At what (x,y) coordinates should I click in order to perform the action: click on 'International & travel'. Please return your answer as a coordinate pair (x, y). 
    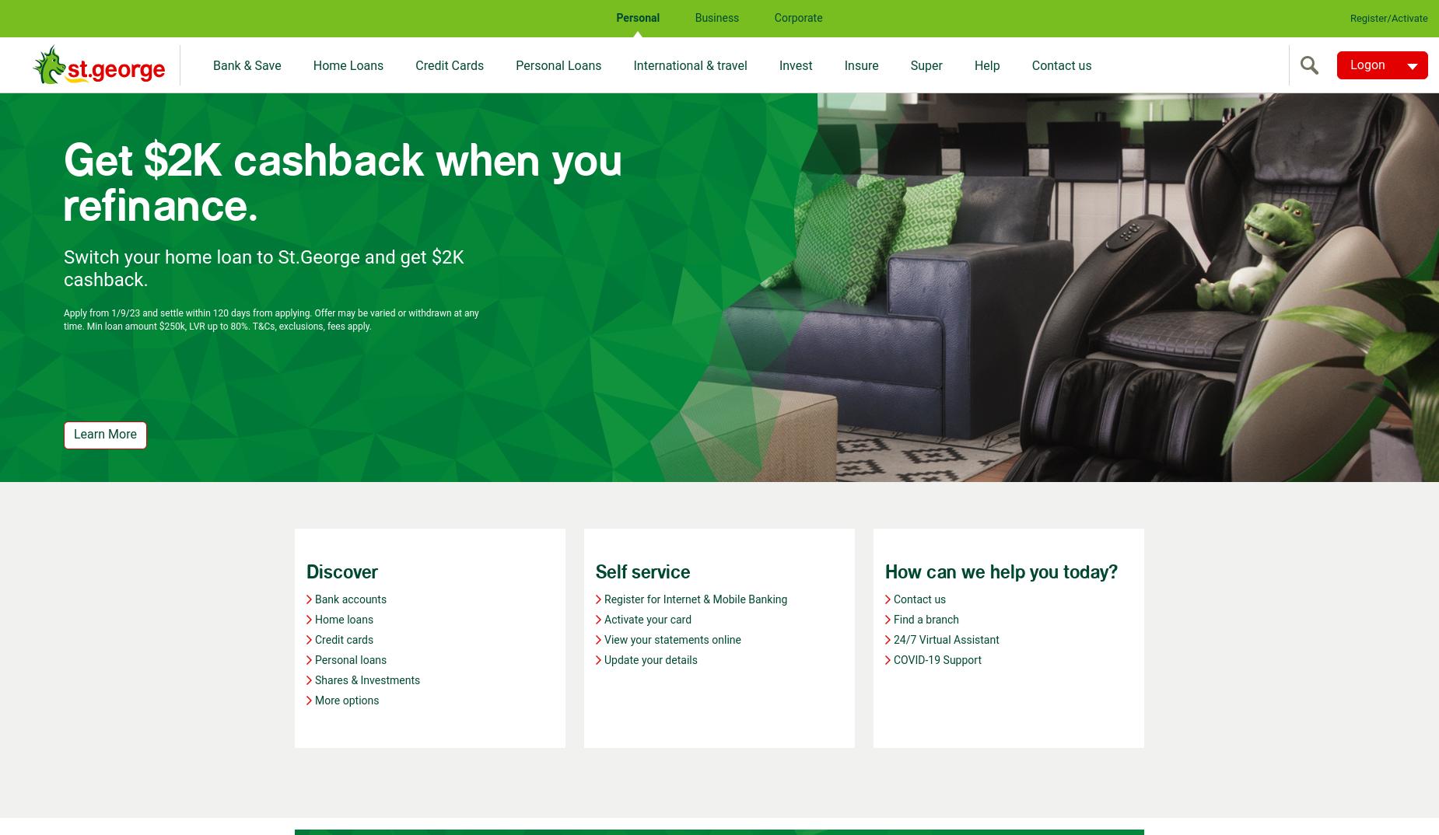
    Looking at the image, I should click on (690, 65).